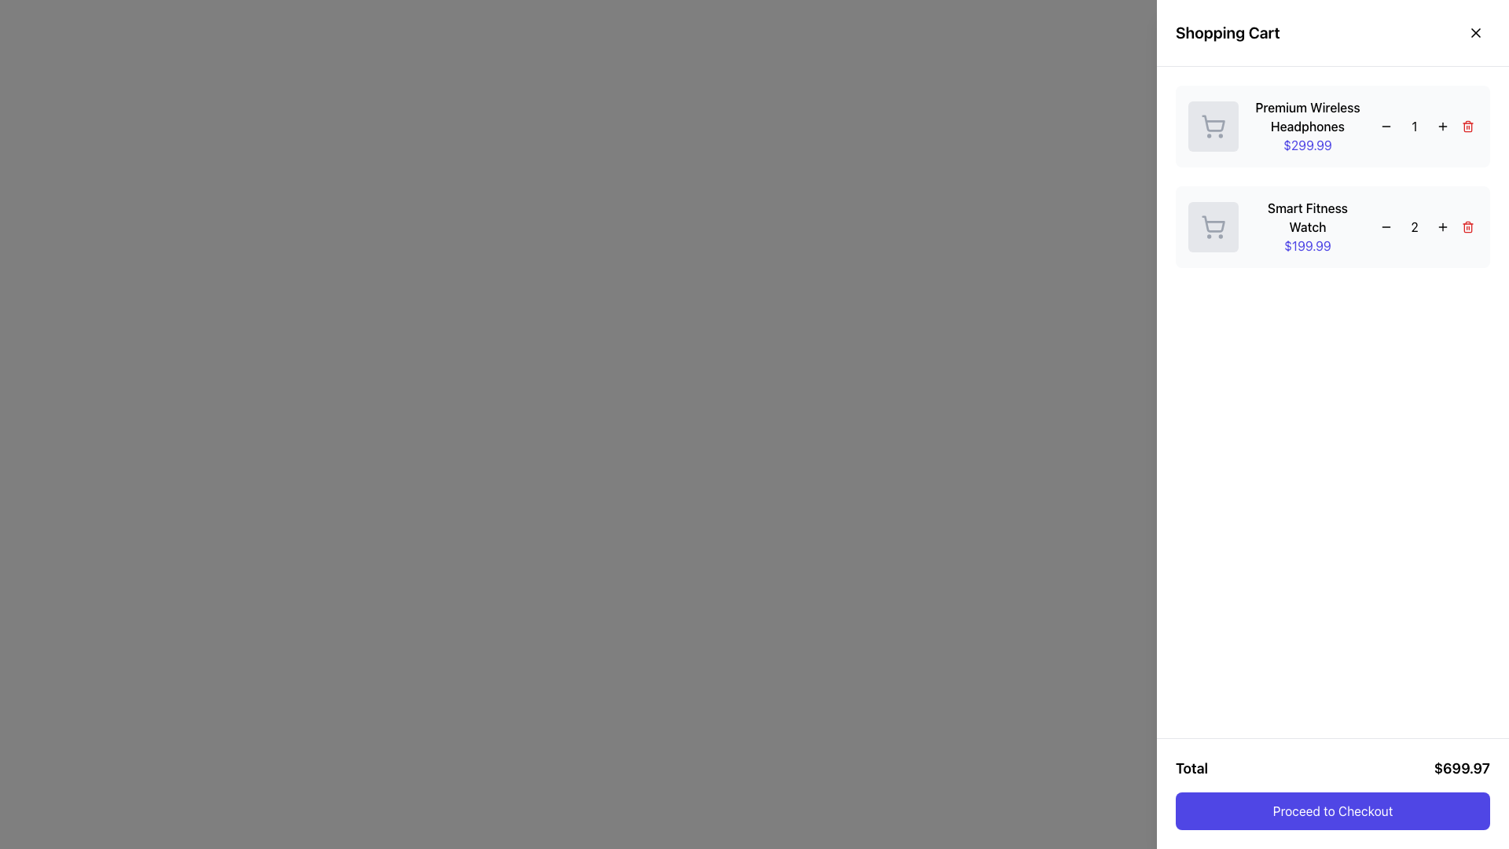 This screenshot has width=1509, height=849. What do you see at coordinates (1213, 126) in the screenshot?
I see `the icon representing the cart functionality located to the left of the 'Premium Wireless Headphones' list item` at bounding box center [1213, 126].